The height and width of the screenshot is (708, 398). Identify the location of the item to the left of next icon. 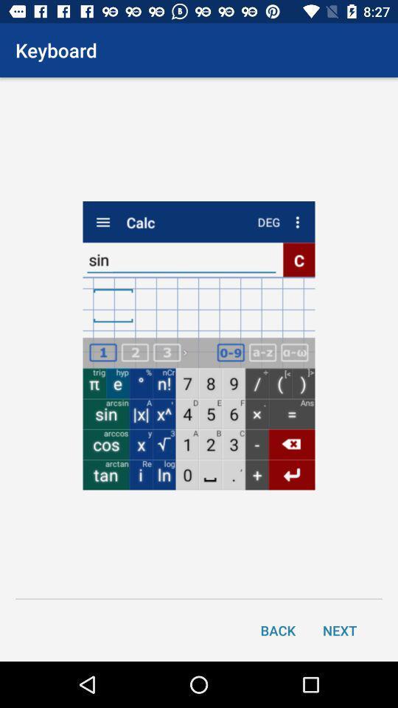
(278, 629).